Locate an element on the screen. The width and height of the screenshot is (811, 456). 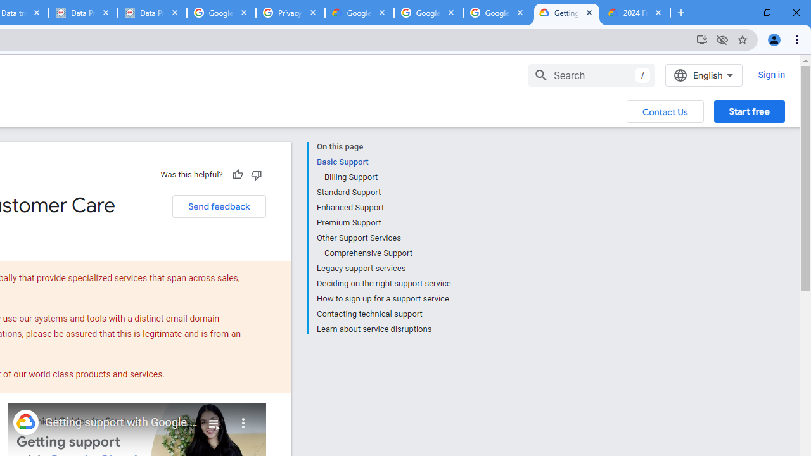
'Comprehensive Support' is located at coordinates (386, 253).